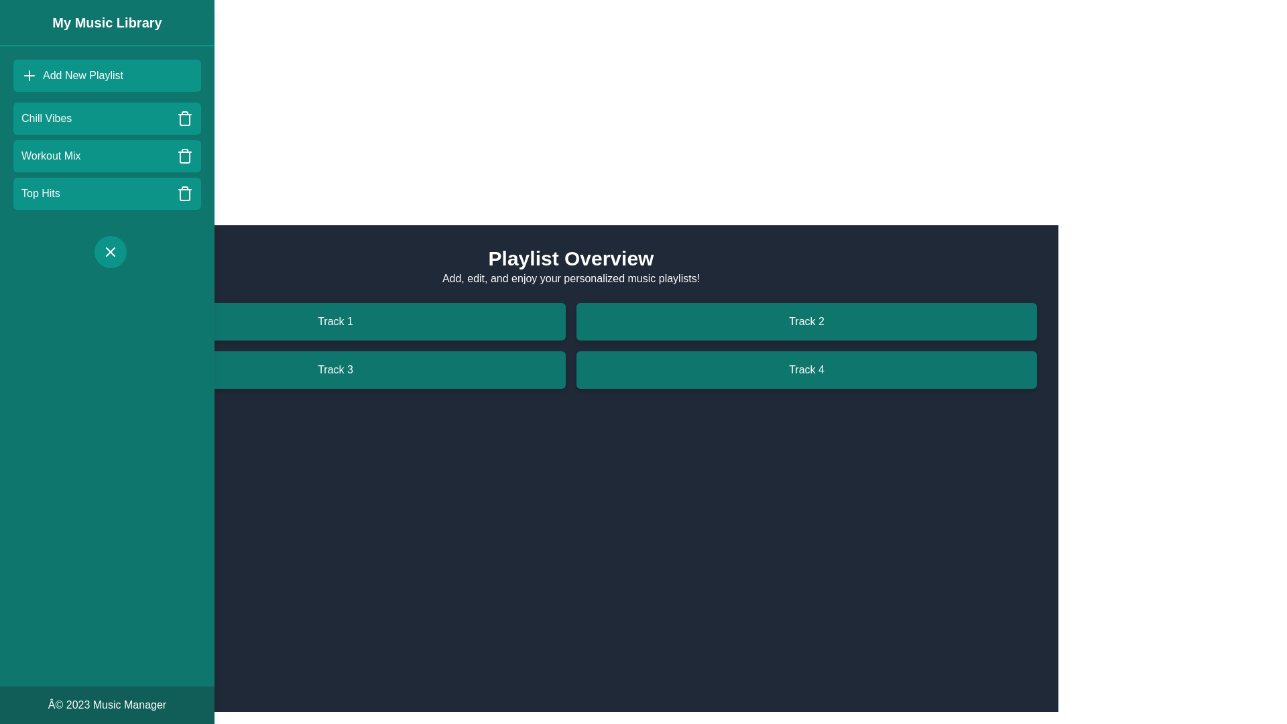  Describe the element at coordinates (110, 251) in the screenshot. I see `the circular teal button with a white 'X' icon located below the 'Top Hits' playlist in the left-side navigation panel` at that location.